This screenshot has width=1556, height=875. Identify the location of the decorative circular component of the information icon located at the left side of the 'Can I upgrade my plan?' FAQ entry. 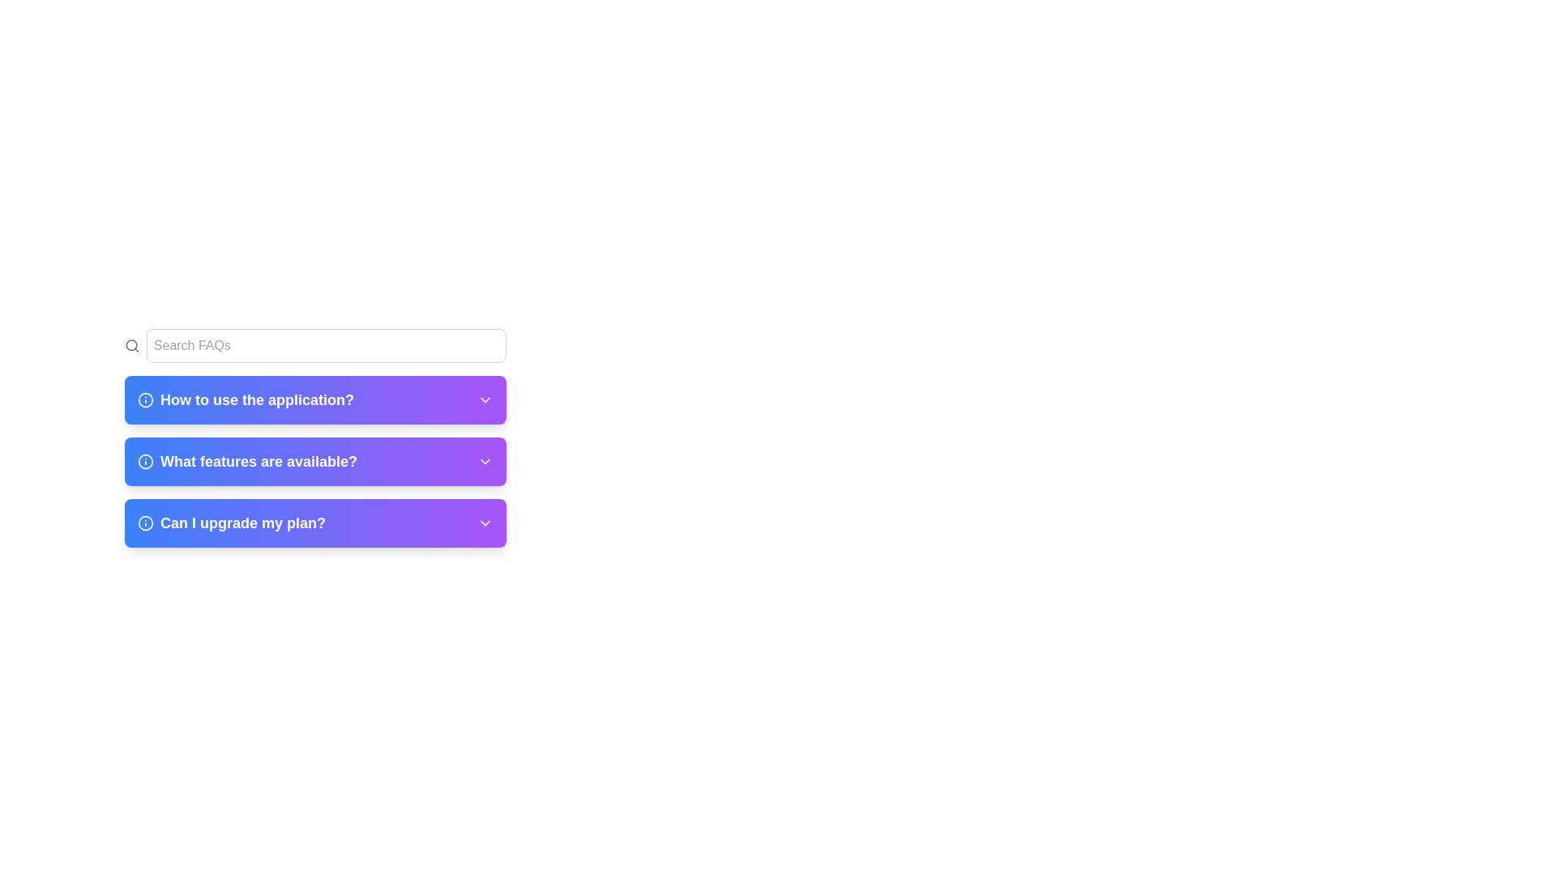
(146, 523).